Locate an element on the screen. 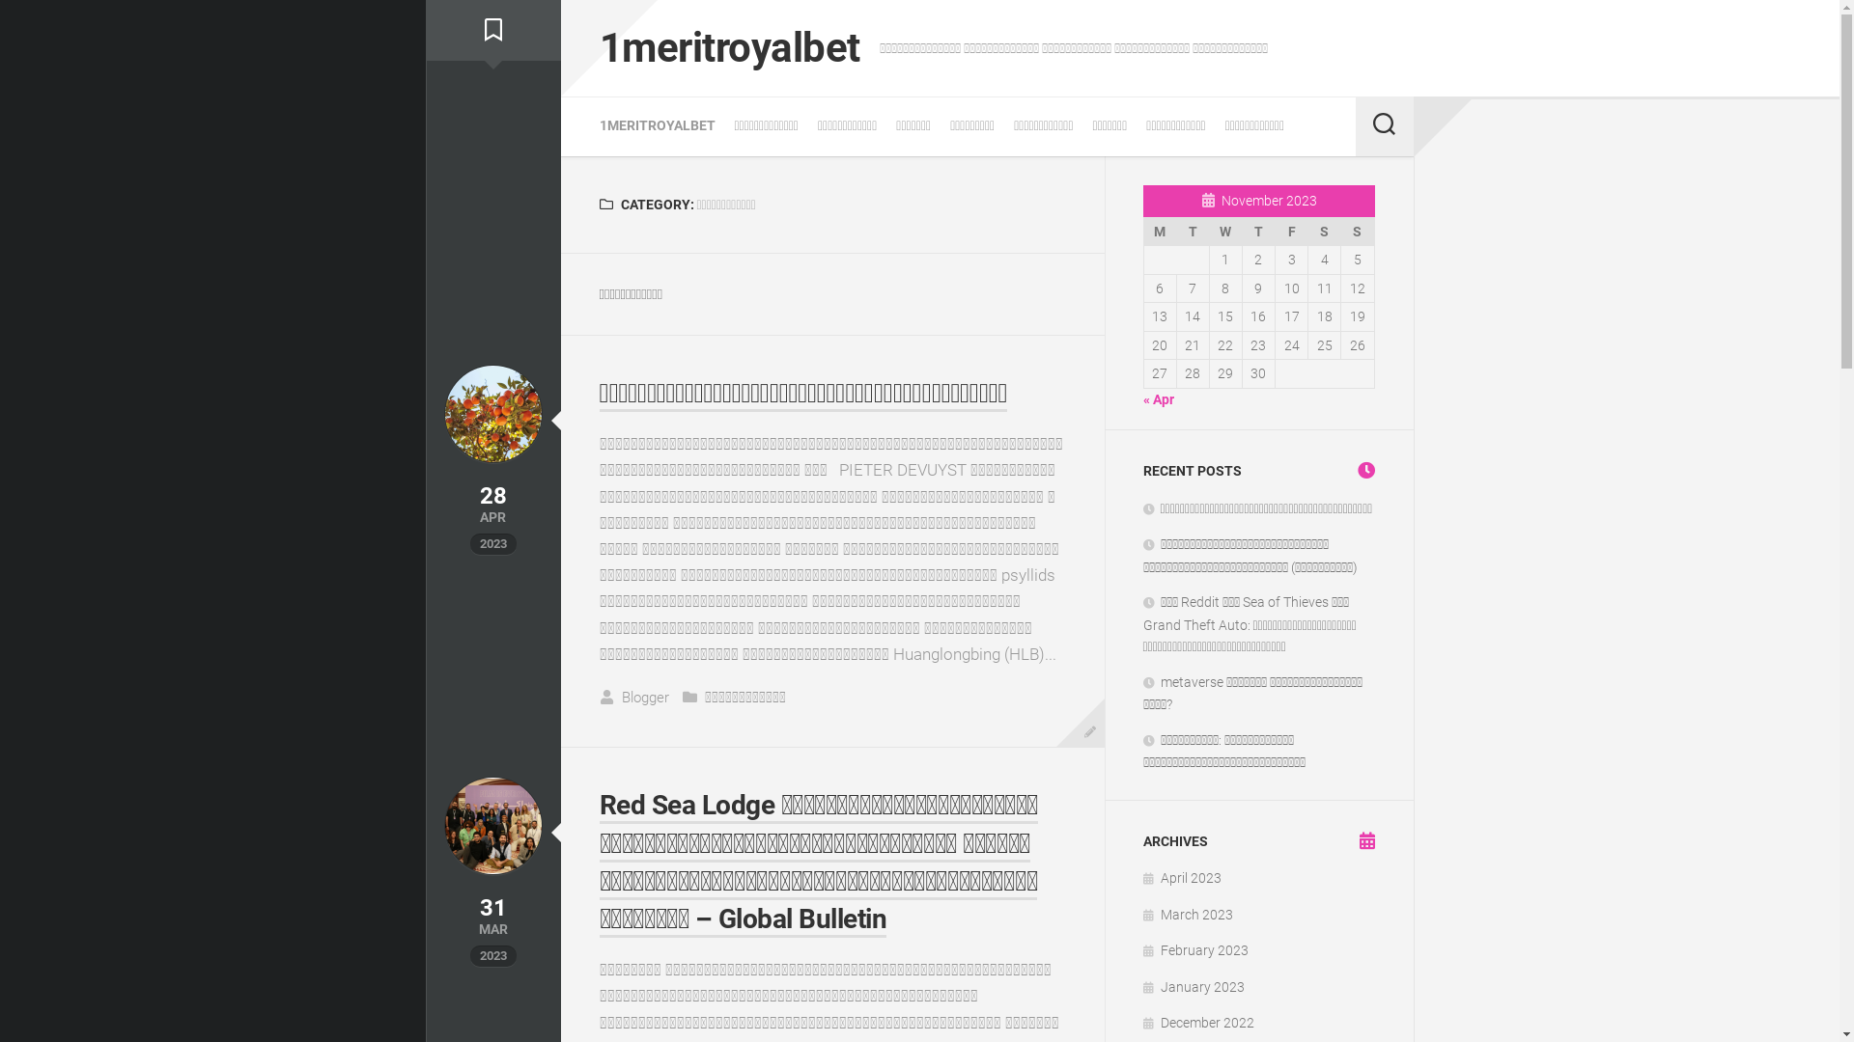 This screenshot has width=1854, height=1042. '1meritroyalbet' is located at coordinates (727, 47).